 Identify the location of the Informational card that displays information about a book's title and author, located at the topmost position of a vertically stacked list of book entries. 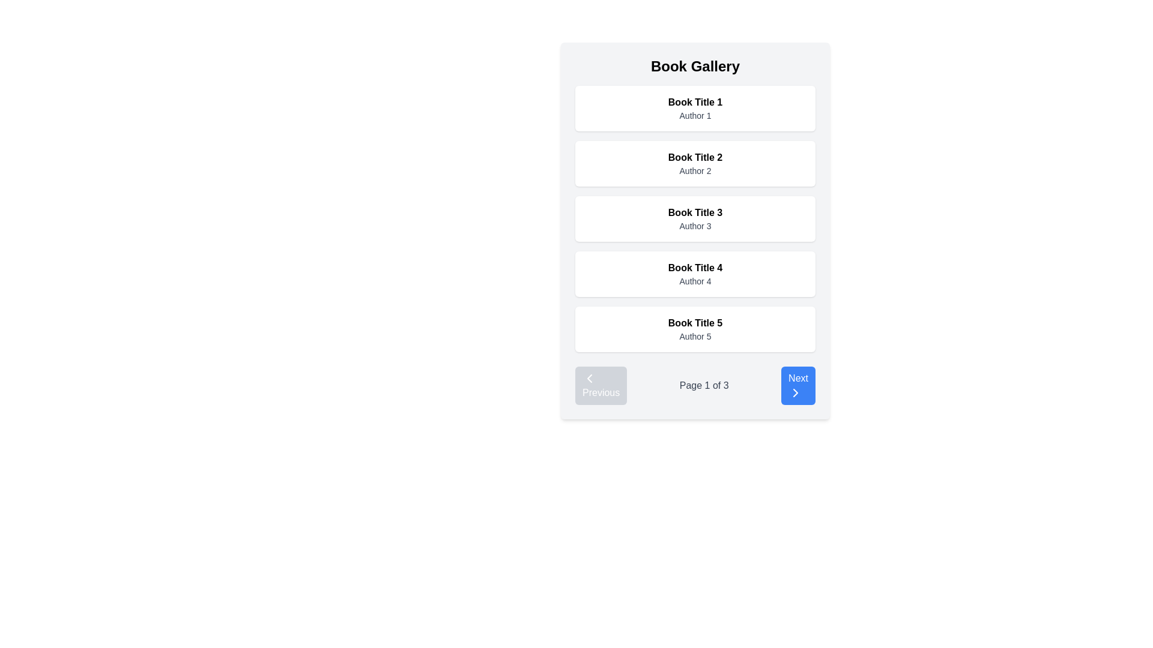
(695, 109).